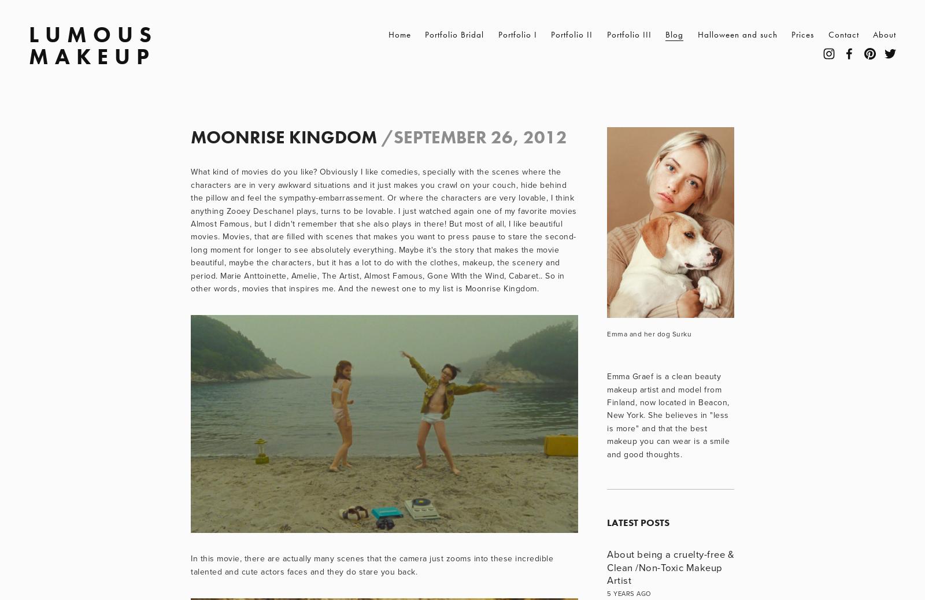 This screenshot has width=925, height=600. I want to click on 'Blog', so click(674, 34).